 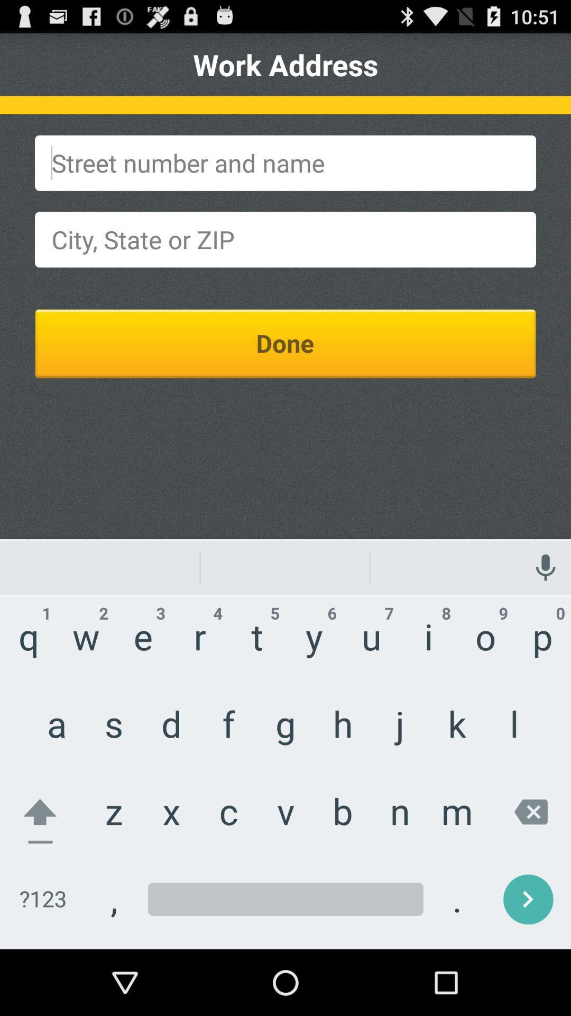 I want to click on text, so click(x=285, y=239).